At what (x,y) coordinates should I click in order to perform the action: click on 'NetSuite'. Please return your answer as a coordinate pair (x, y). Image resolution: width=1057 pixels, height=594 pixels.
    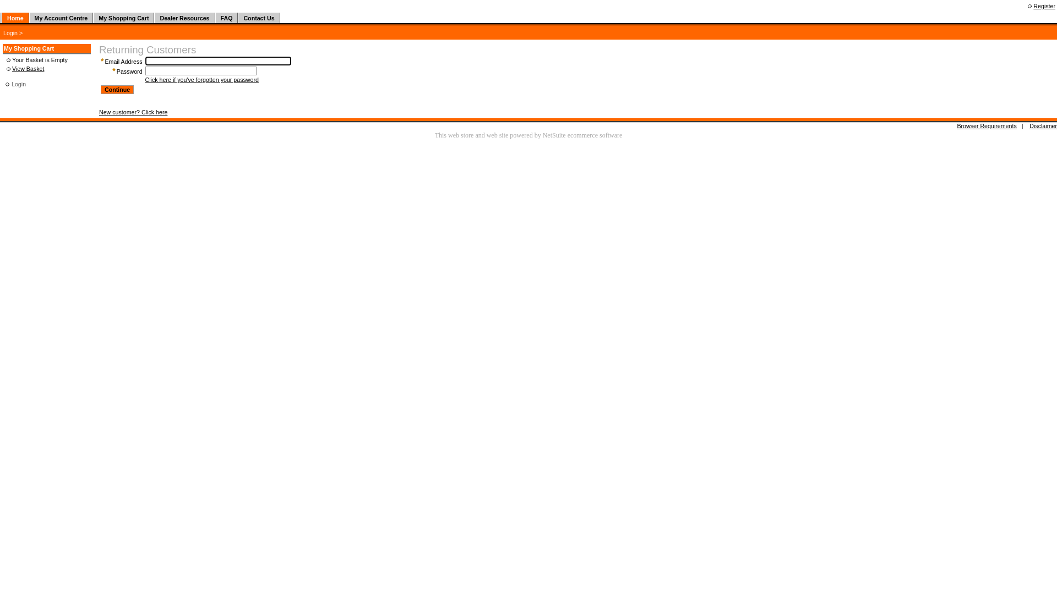
    Looking at the image, I should click on (542, 135).